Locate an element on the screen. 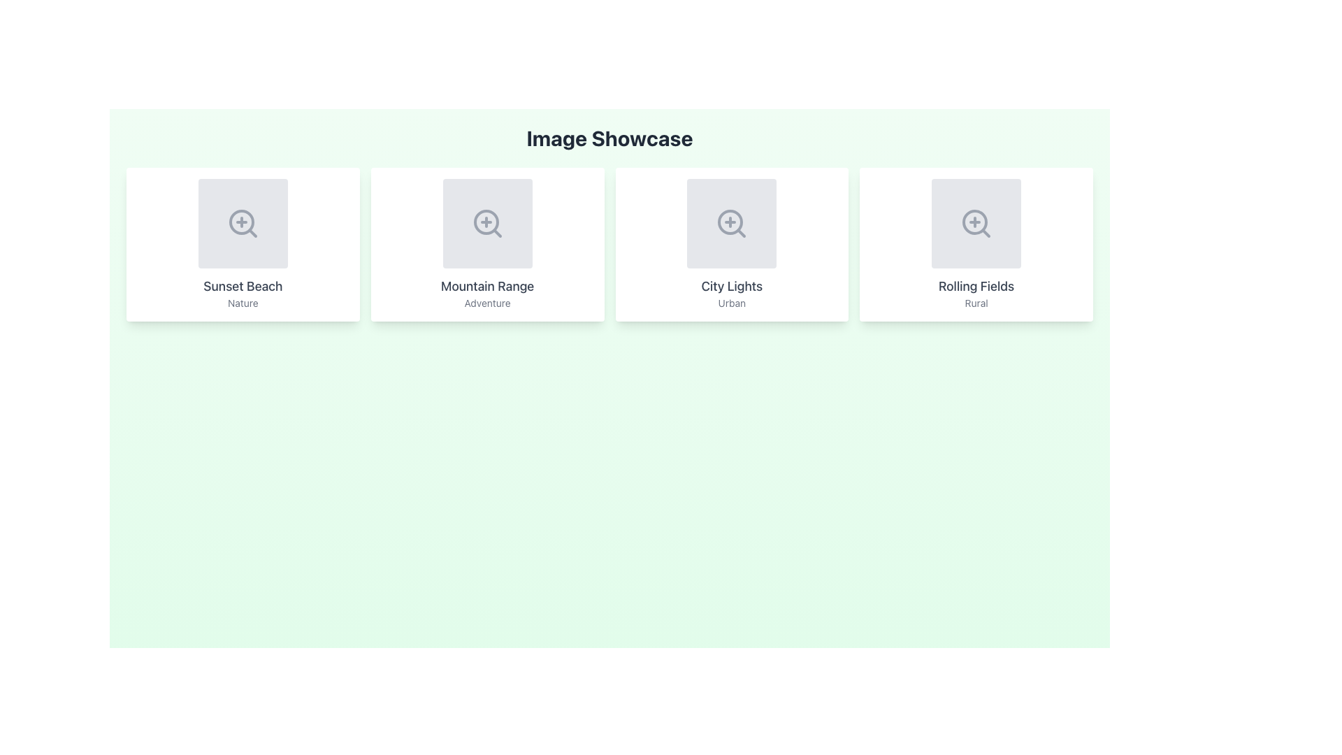 The width and height of the screenshot is (1342, 755). the inner plus sign of the zoom-in magnifying glass located in the third column of the 'Image Showcase' row, specifically within the 'City Lights' card is located at coordinates (730, 221).